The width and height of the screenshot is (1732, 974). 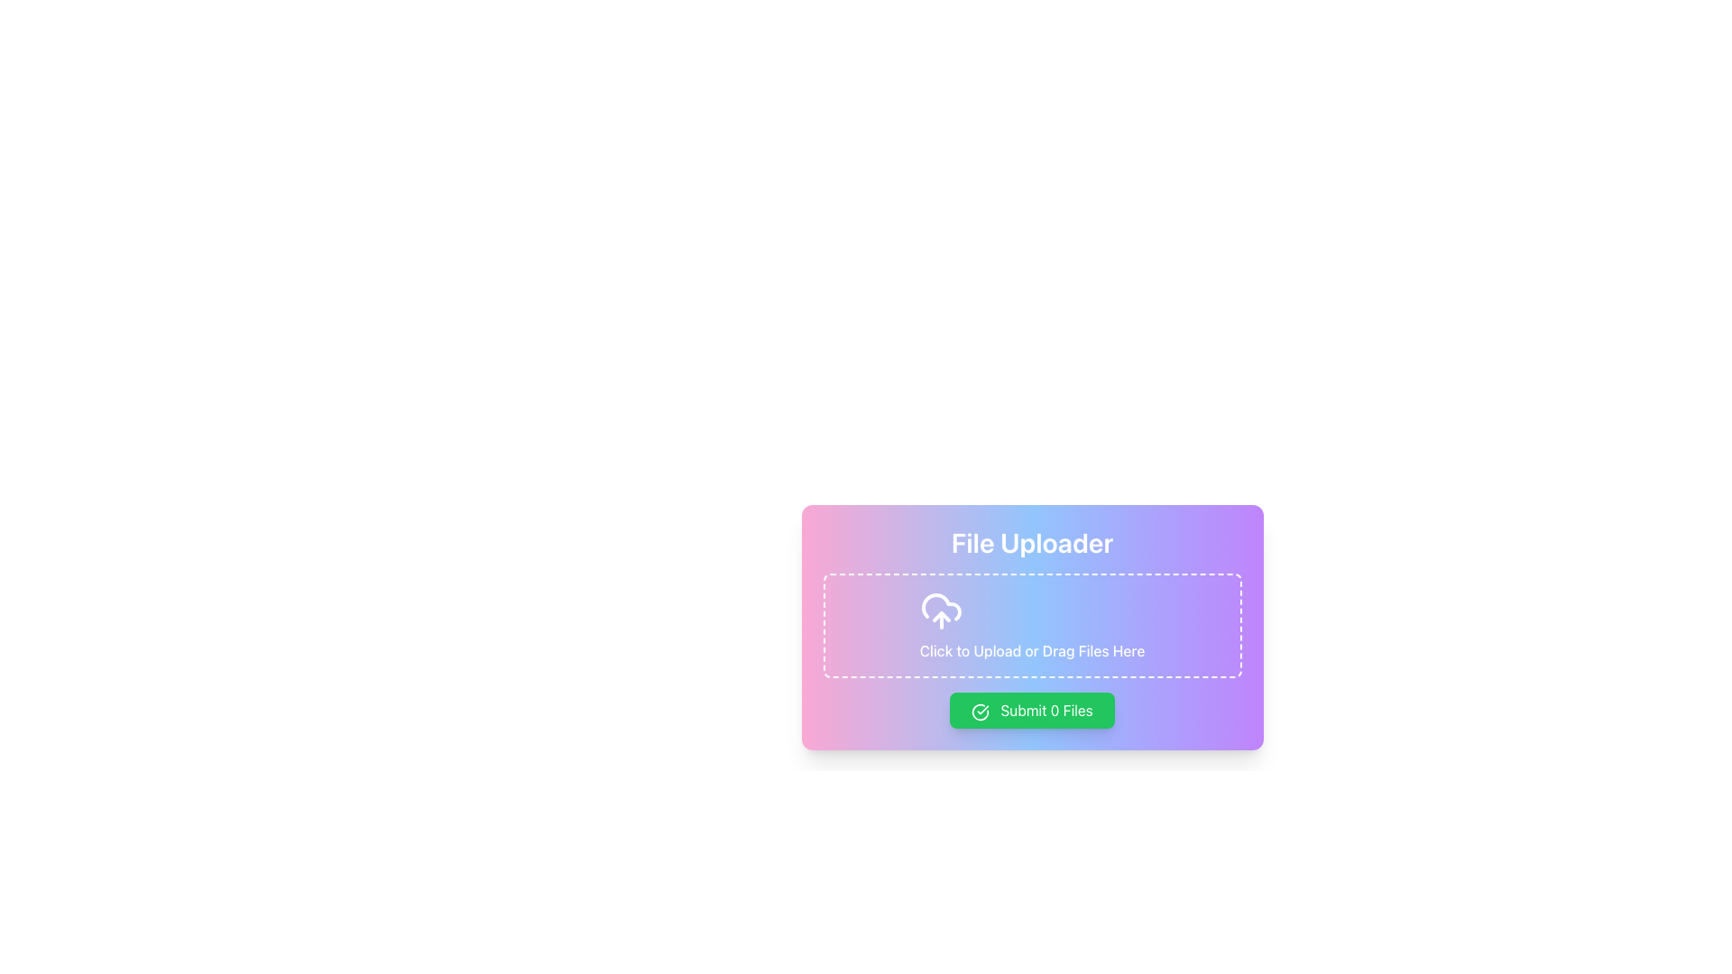 I want to click on files into the File upload area located within the 'File Uploader' section, so click(x=1032, y=625).